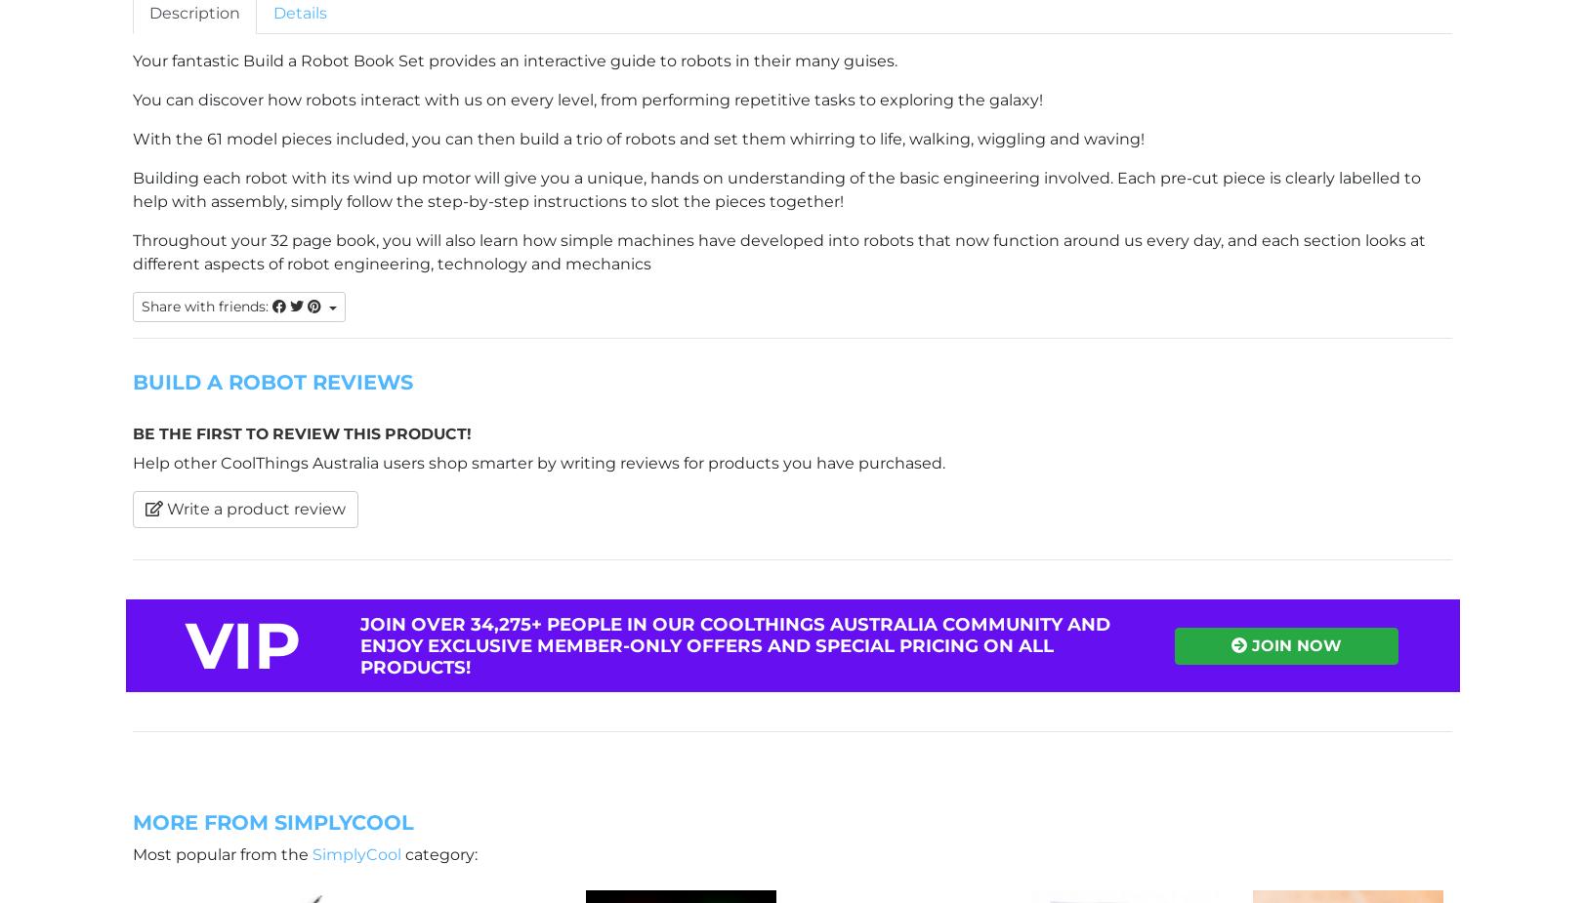 The image size is (1585, 903). What do you see at coordinates (439, 853) in the screenshot?
I see `'category:'` at bounding box center [439, 853].